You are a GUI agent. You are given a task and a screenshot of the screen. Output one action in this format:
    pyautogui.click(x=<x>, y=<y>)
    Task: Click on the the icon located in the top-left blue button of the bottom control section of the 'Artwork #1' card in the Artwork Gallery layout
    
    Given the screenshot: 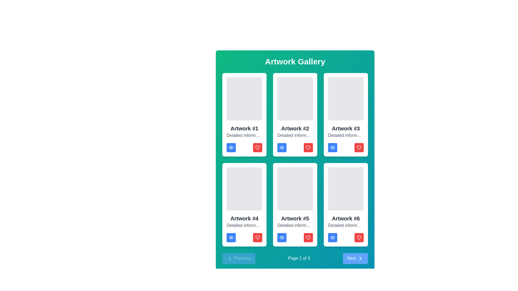 What is the action you would take?
    pyautogui.click(x=231, y=147)
    